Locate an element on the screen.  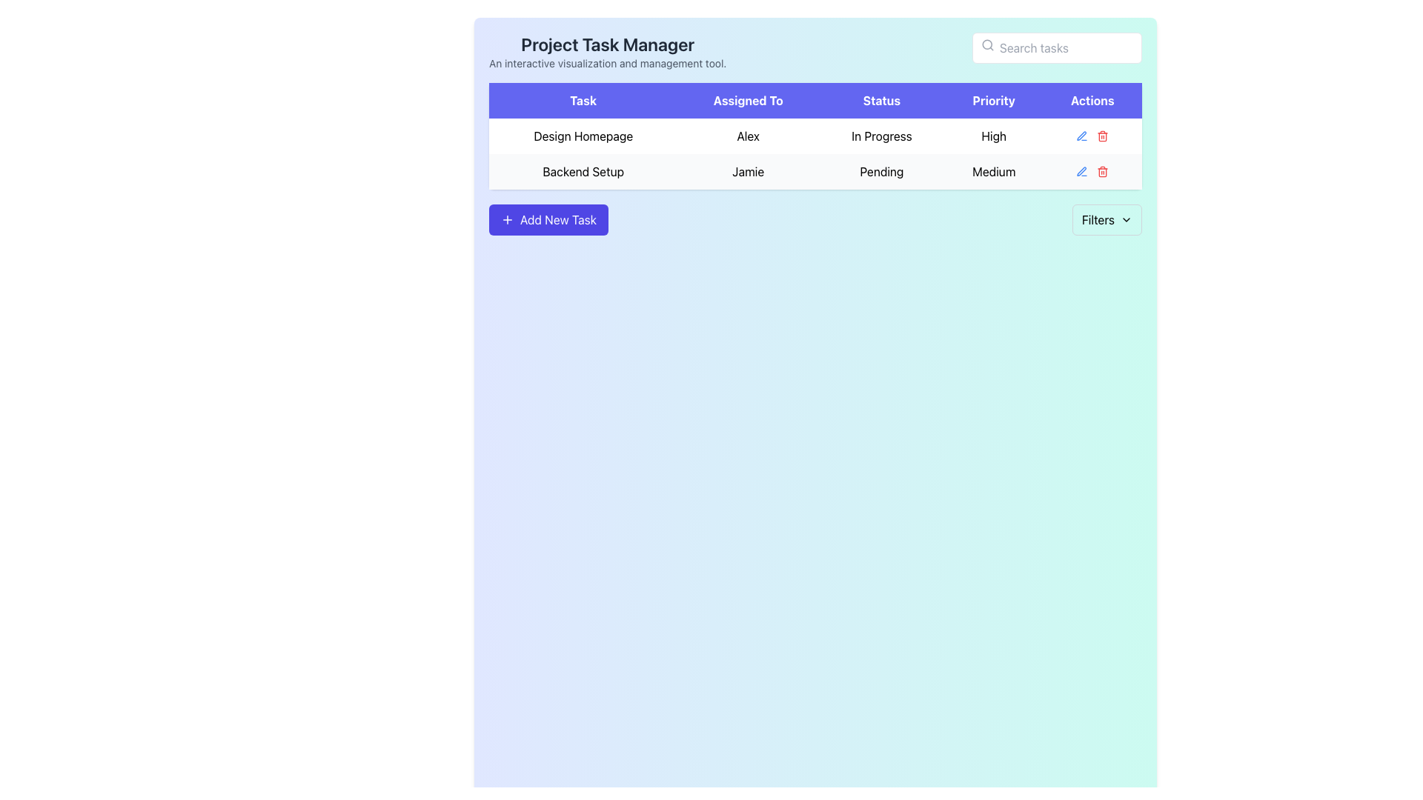
the edit button in the actions column of the row labeled 'Design Homepage' is located at coordinates (1092, 136).